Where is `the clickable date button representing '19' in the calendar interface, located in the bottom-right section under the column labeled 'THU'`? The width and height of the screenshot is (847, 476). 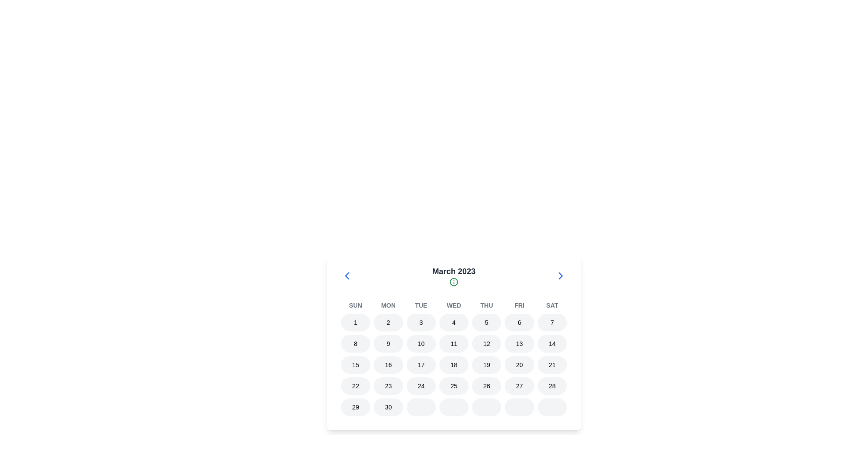 the clickable date button representing '19' in the calendar interface, located in the bottom-right section under the column labeled 'THU' is located at coordinates (486, 365).